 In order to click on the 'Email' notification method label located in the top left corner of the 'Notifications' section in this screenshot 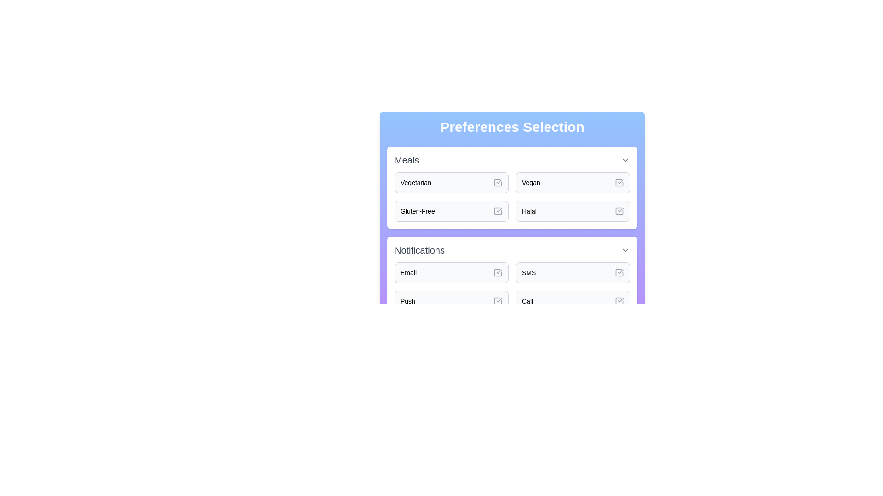, I will do `click(408, 272)`.